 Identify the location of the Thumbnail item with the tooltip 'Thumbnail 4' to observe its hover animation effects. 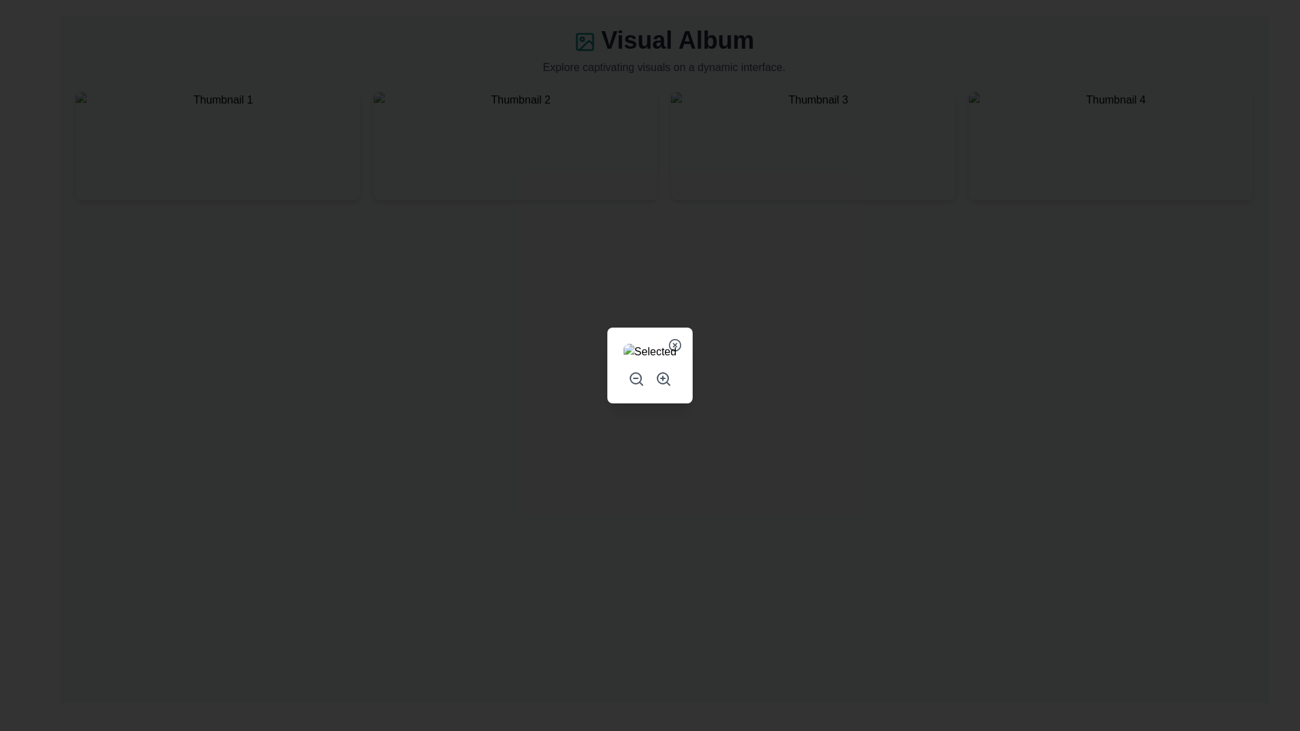
(1110, 146).